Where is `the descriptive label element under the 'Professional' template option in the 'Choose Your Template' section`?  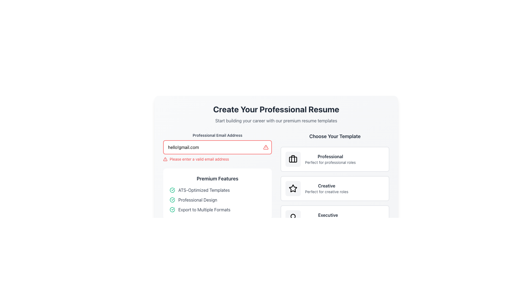
the descriptive label element under the 'Professional' template option in the 'Choose Your Template' section is located at coordinates (330, 162).